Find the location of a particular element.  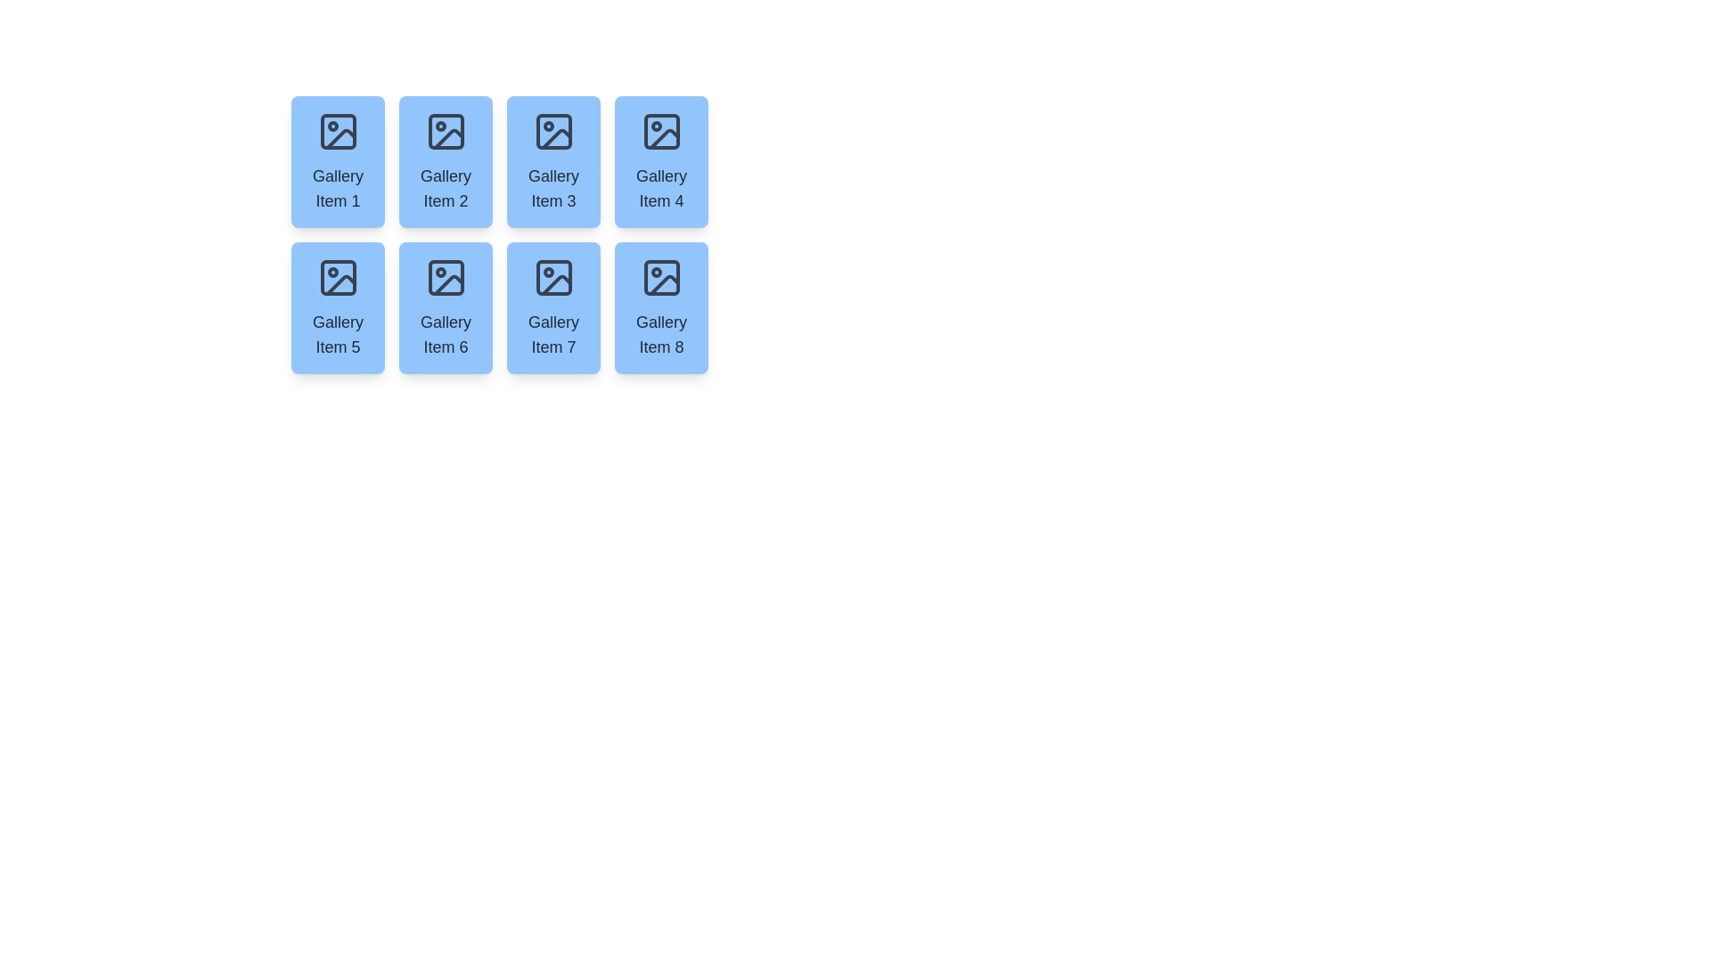

the innermost SVG rectangle that forms part of the outline of the fifth gallery item in a grid of eight items is located at coordinates (338, 278).